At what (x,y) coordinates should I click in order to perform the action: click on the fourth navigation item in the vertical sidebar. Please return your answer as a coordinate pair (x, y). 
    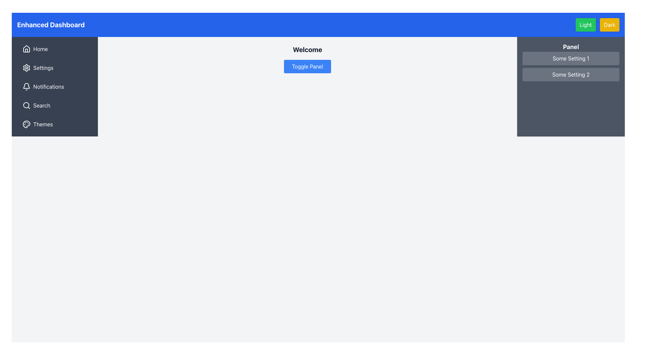
    Looking at the image, I should click on (55, 105).